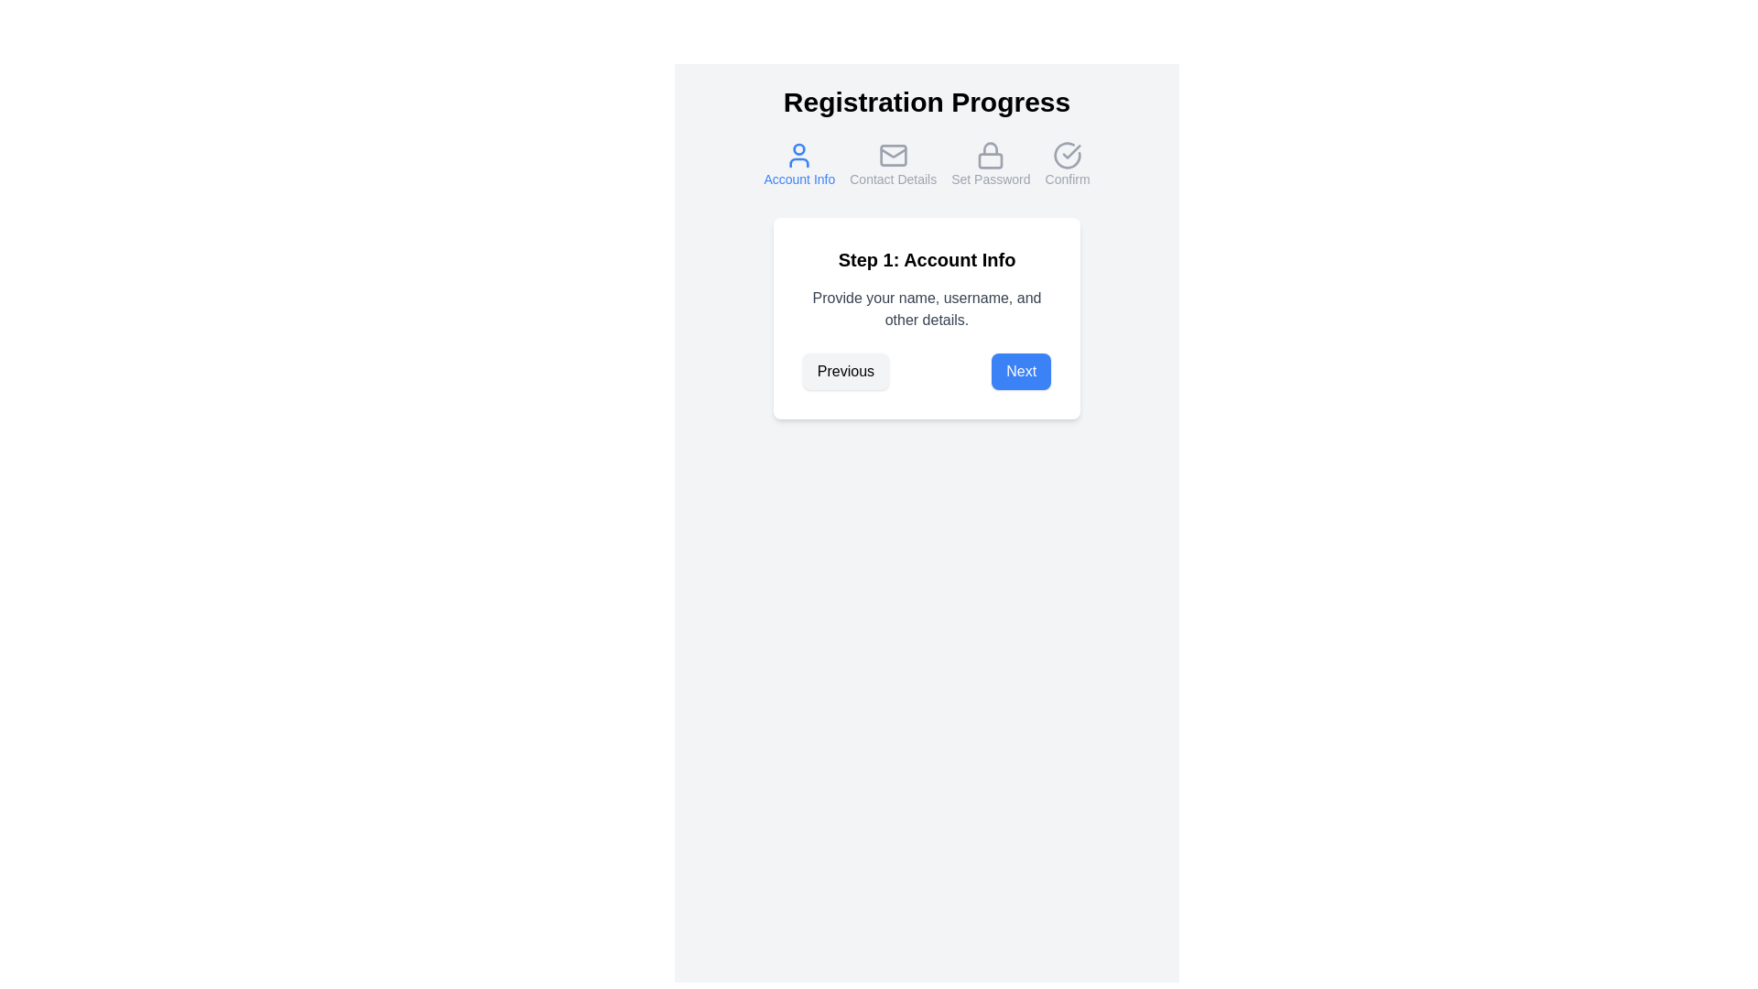 Image resolution: width=1758 pixels, height=989 pixels. Describe the element at coordinates (927, 371) in the screenshot. I see `the 'Previous' button in the horizontal group of buttons labeled 'Previous' and 'Next', which is located at the bottom of the card labeled 'Step 1: Account Info'` at that location.